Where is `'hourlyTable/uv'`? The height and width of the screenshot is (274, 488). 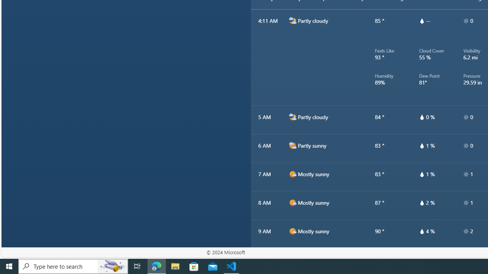
'hourlyTable/uv' is located at coordinates (466, 231).